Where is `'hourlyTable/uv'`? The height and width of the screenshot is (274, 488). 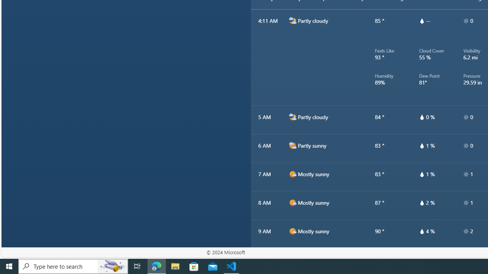
'hourlyTable/uv' is located at coordinates (466, 231).